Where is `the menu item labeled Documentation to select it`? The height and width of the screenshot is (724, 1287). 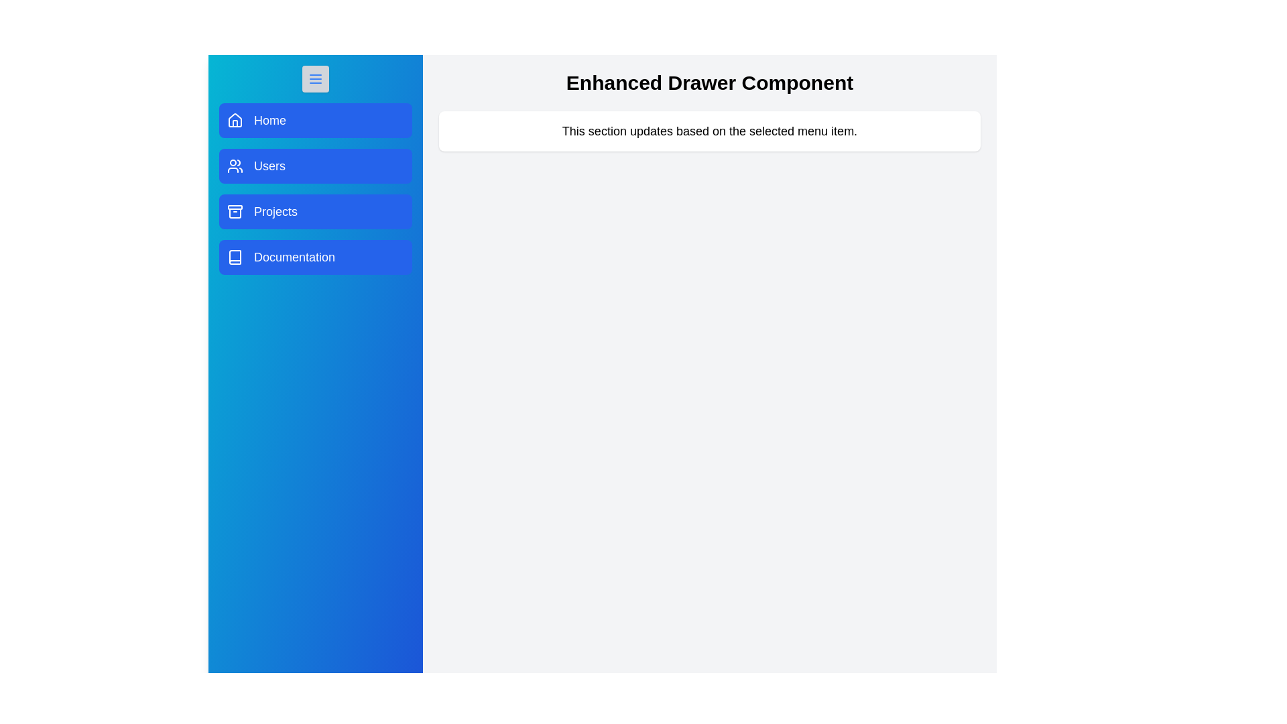 the menu item labeled Documentation to select it is located at coordinates (314, 257).